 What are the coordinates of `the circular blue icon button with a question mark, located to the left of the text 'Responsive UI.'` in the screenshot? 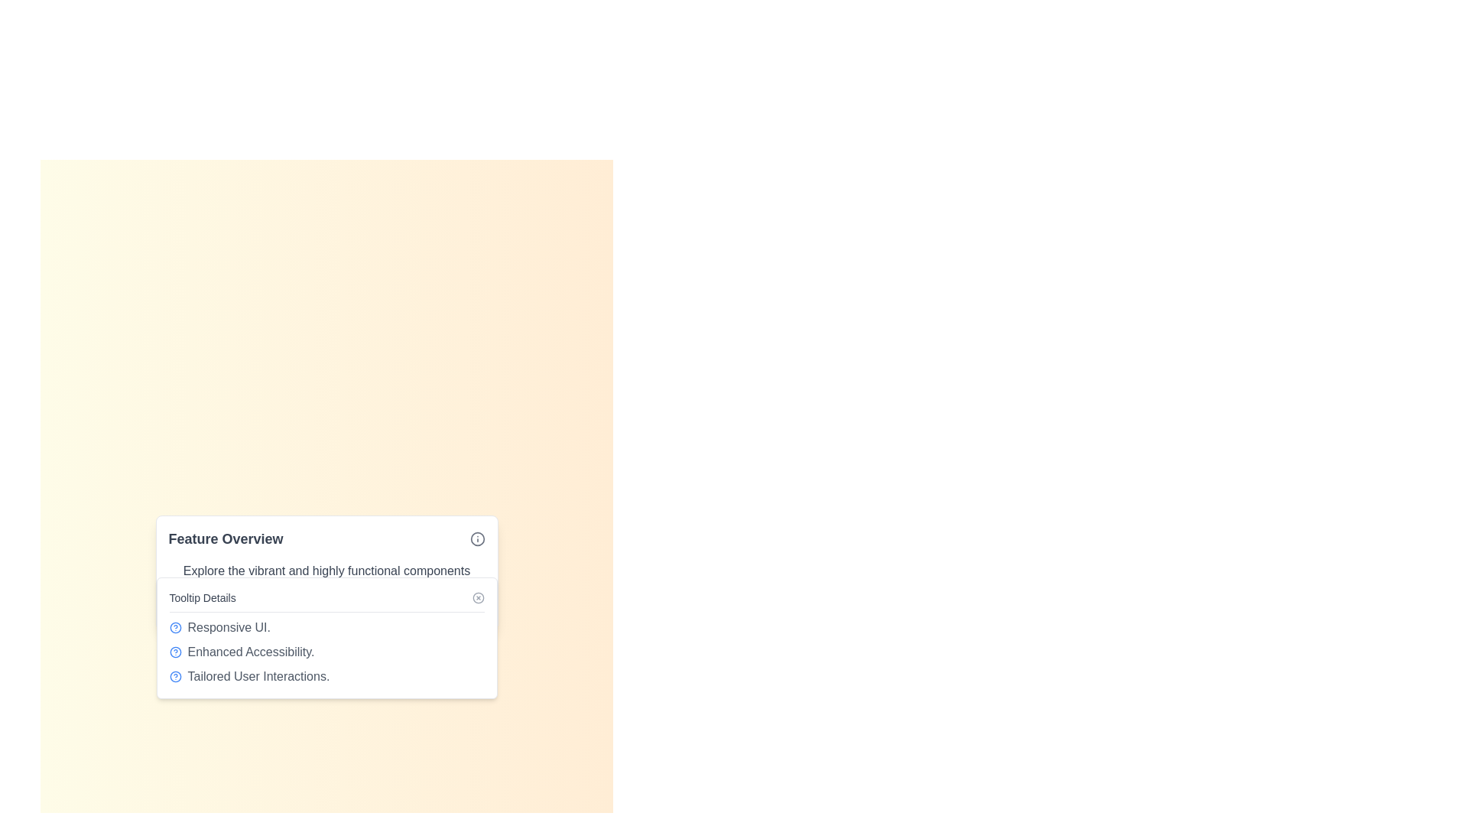 It's located at (175, 628).